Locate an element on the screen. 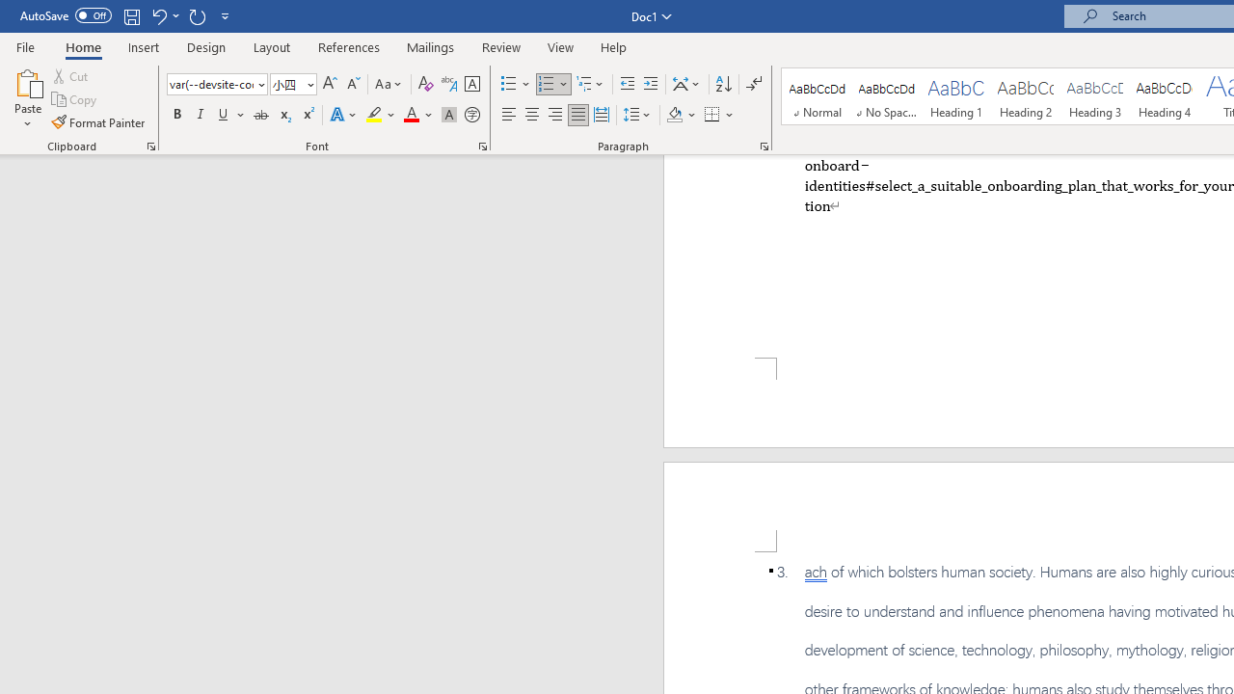  'Enclose Characters...' is located at coordinates (471, 115).